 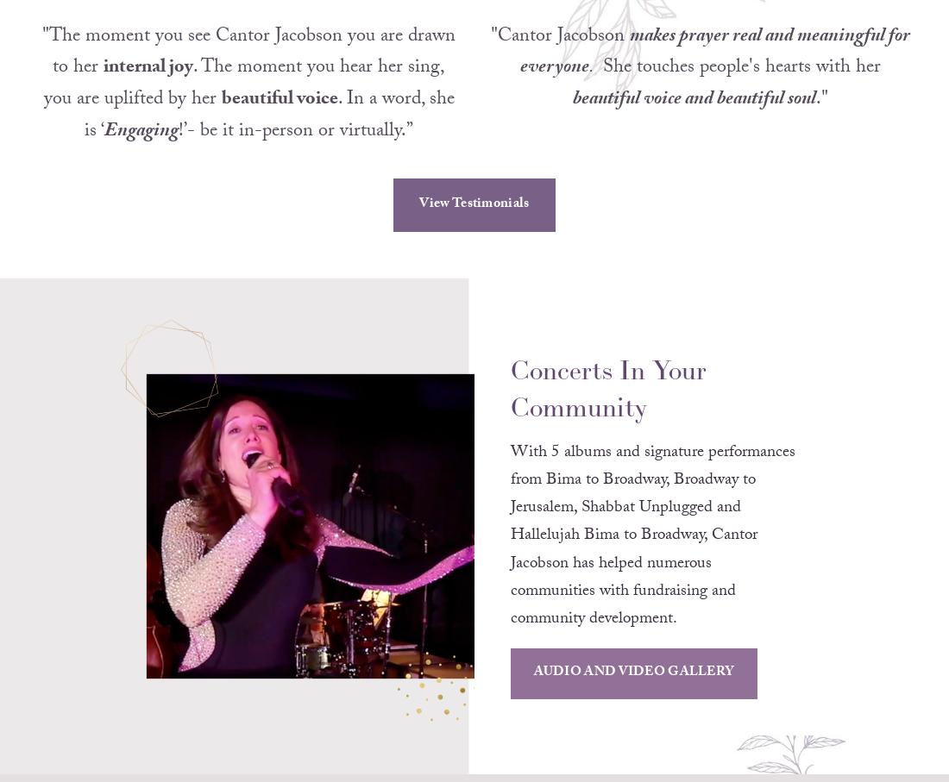 What do you see at coordinates (632, 695) in the screenshot?
I see `'AUDIO AND VIDEO GALLERY'` at bounding box center [632, 695].